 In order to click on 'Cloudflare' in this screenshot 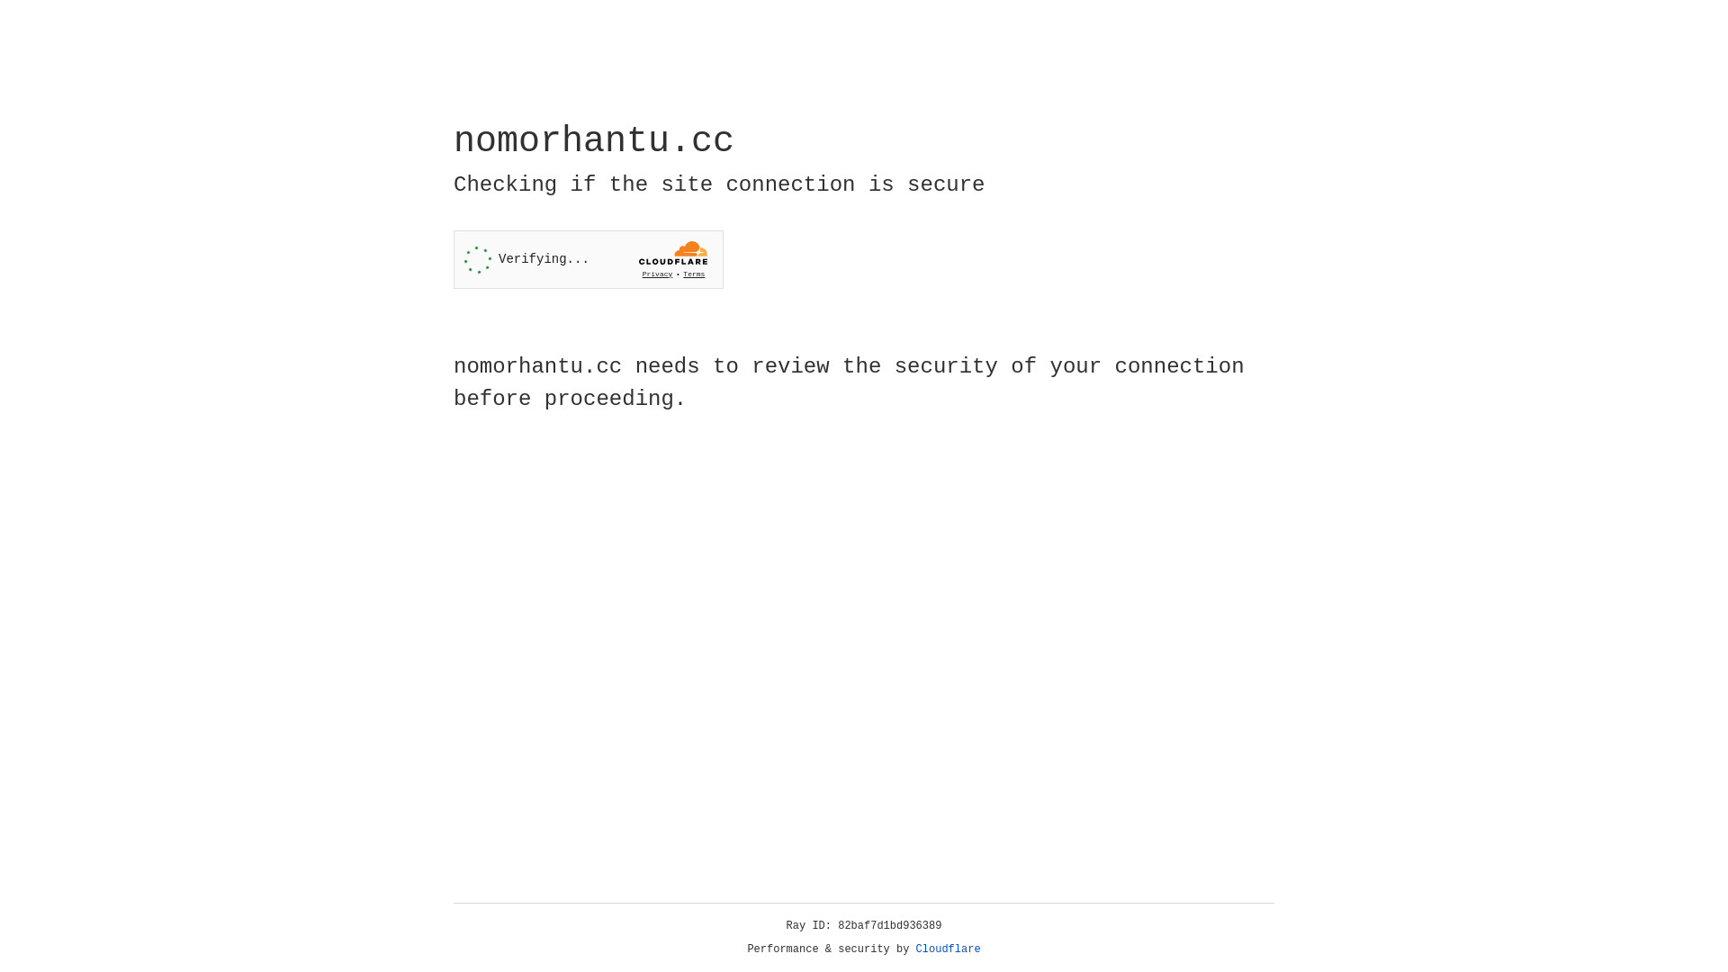, I will do `click(948, 949)`.